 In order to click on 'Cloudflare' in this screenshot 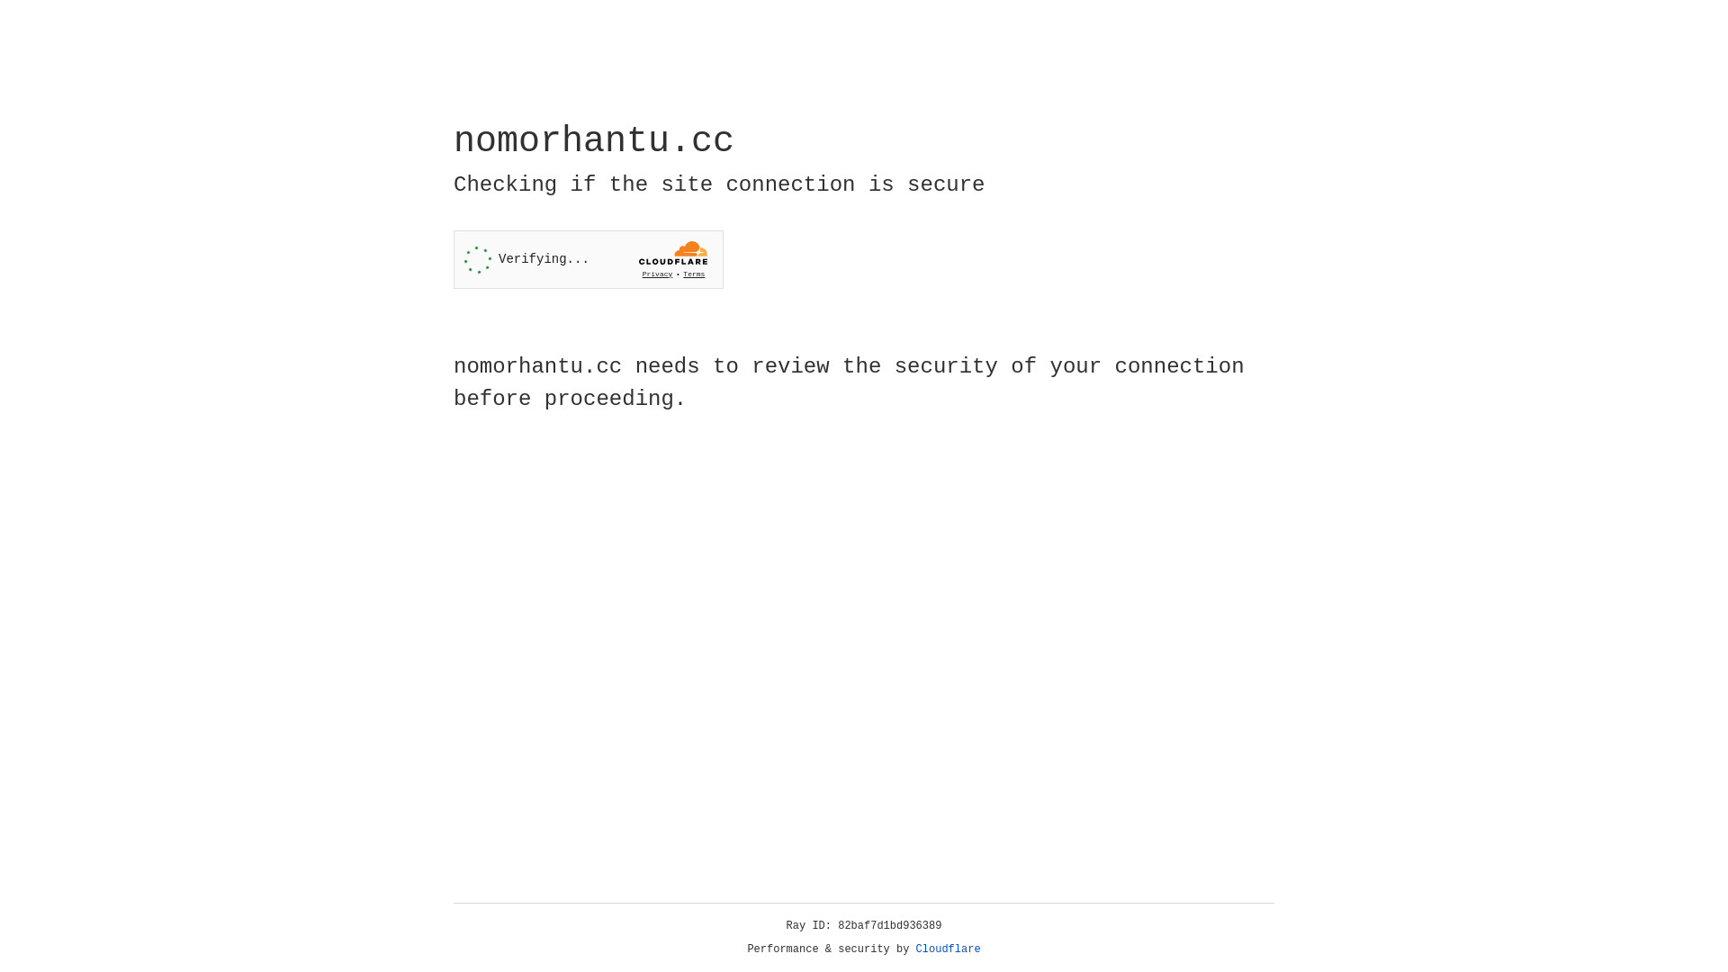, I will do `click(948, 949)`.